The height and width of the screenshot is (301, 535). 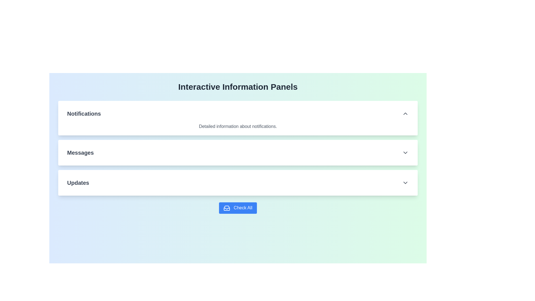 I want to click on the 'Check All' button, which is a blue rectangular button with rounded corners and white text, located near the bottom center of the interface, so click(x=238, y=208).